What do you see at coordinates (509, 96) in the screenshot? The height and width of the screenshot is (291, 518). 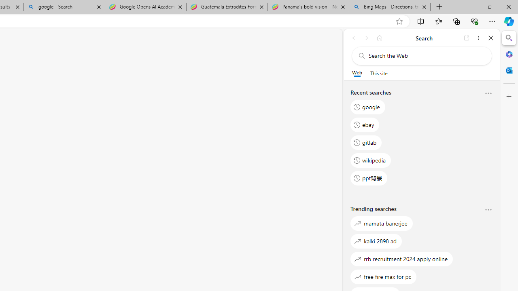 I see `'Customize'` at bounding box center [509, 96].